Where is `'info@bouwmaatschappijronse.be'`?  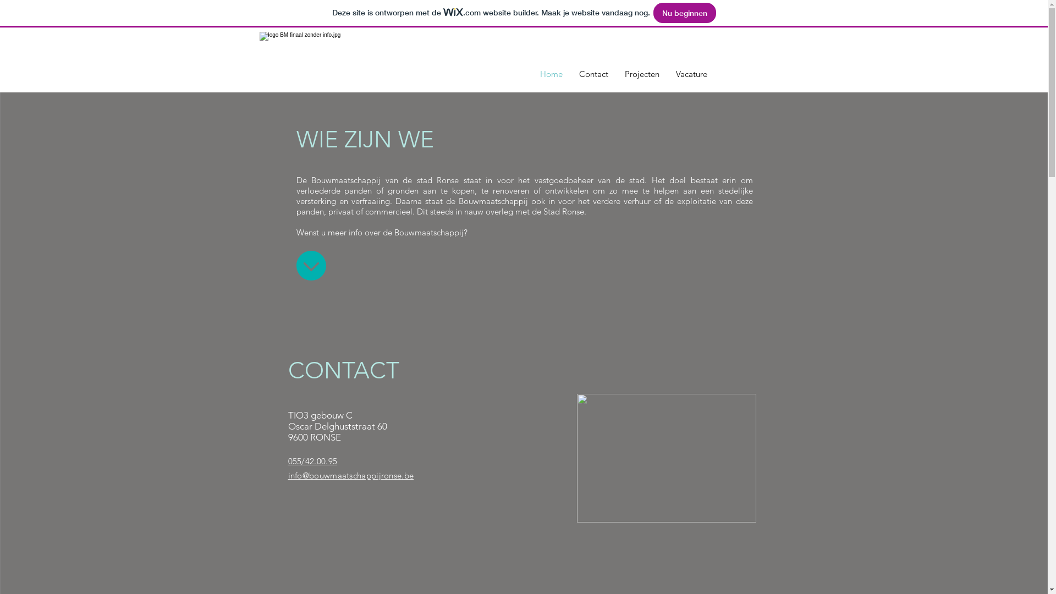 'info@bouwmaatschappijronse.be' is located at coordinates (350, 474).